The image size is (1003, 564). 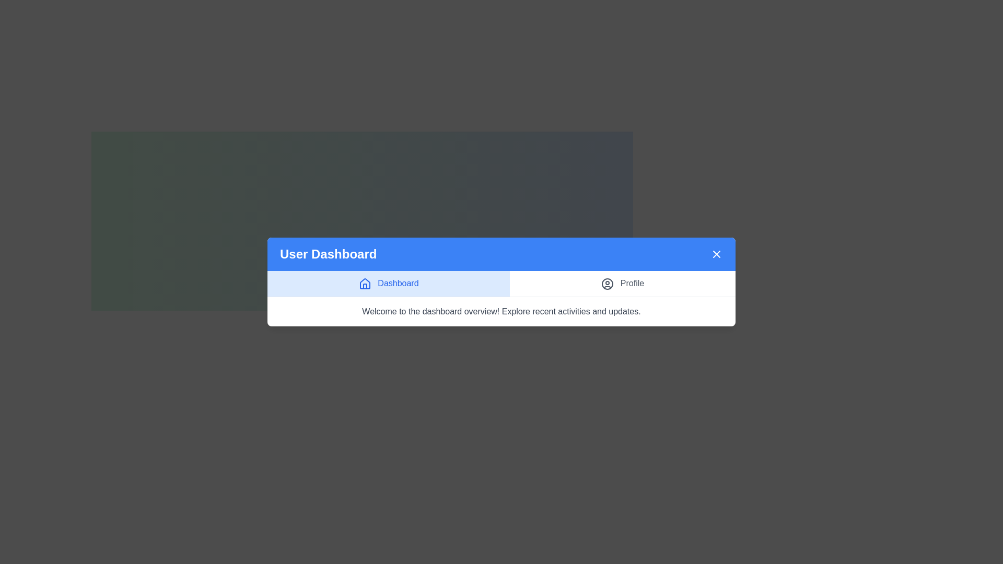 What do you see at coordinates (501, 311) in the screenshot?
I see `informational text block that greets users and provides an overview of the dashboard, located below the blue header bar and centered in the mid-bottom section of the card` at bounding box center [501, 311].